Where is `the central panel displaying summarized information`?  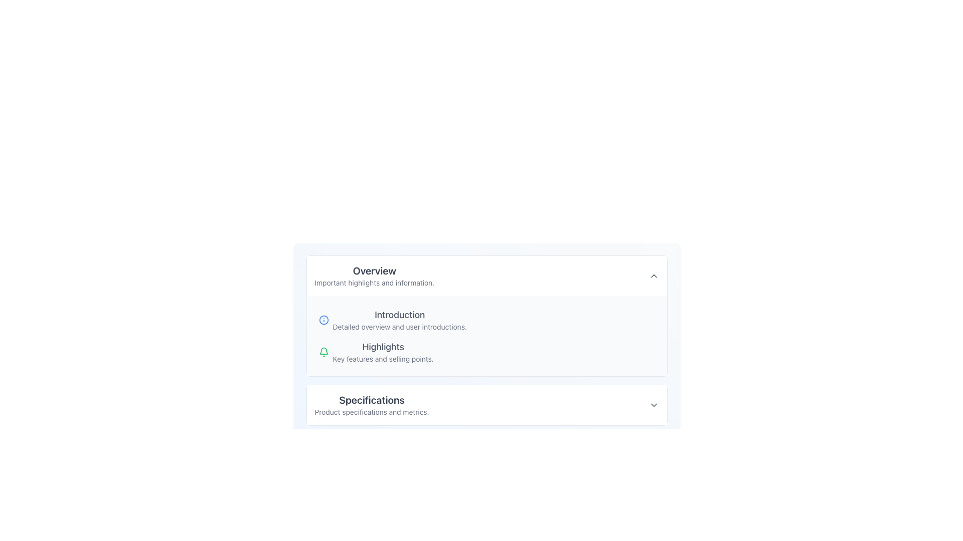 the central panel displaying summarized information is located at coordinates (487, 344).